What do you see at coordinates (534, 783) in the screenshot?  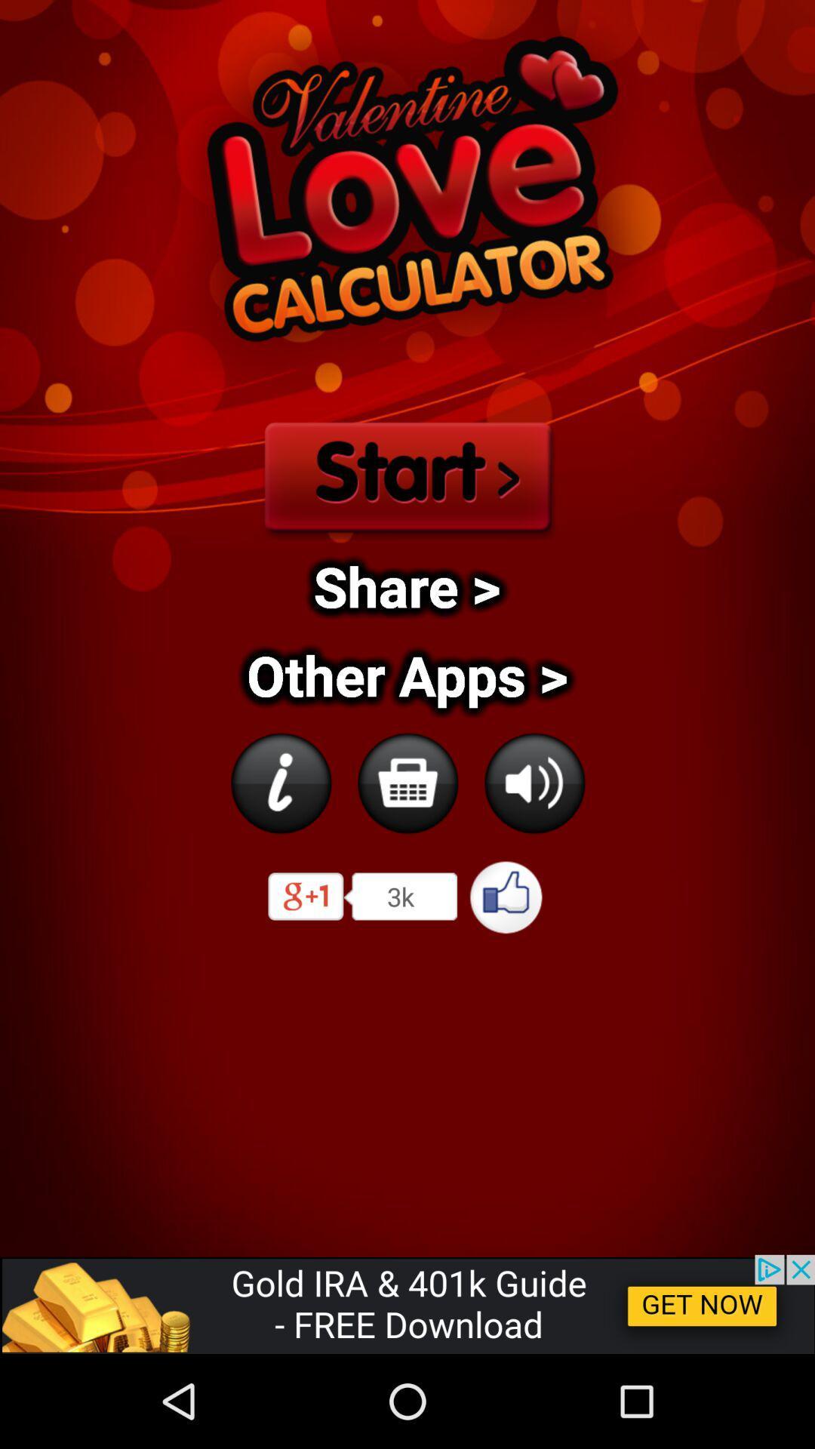 I see `mute` at bounding box center [534, 783].